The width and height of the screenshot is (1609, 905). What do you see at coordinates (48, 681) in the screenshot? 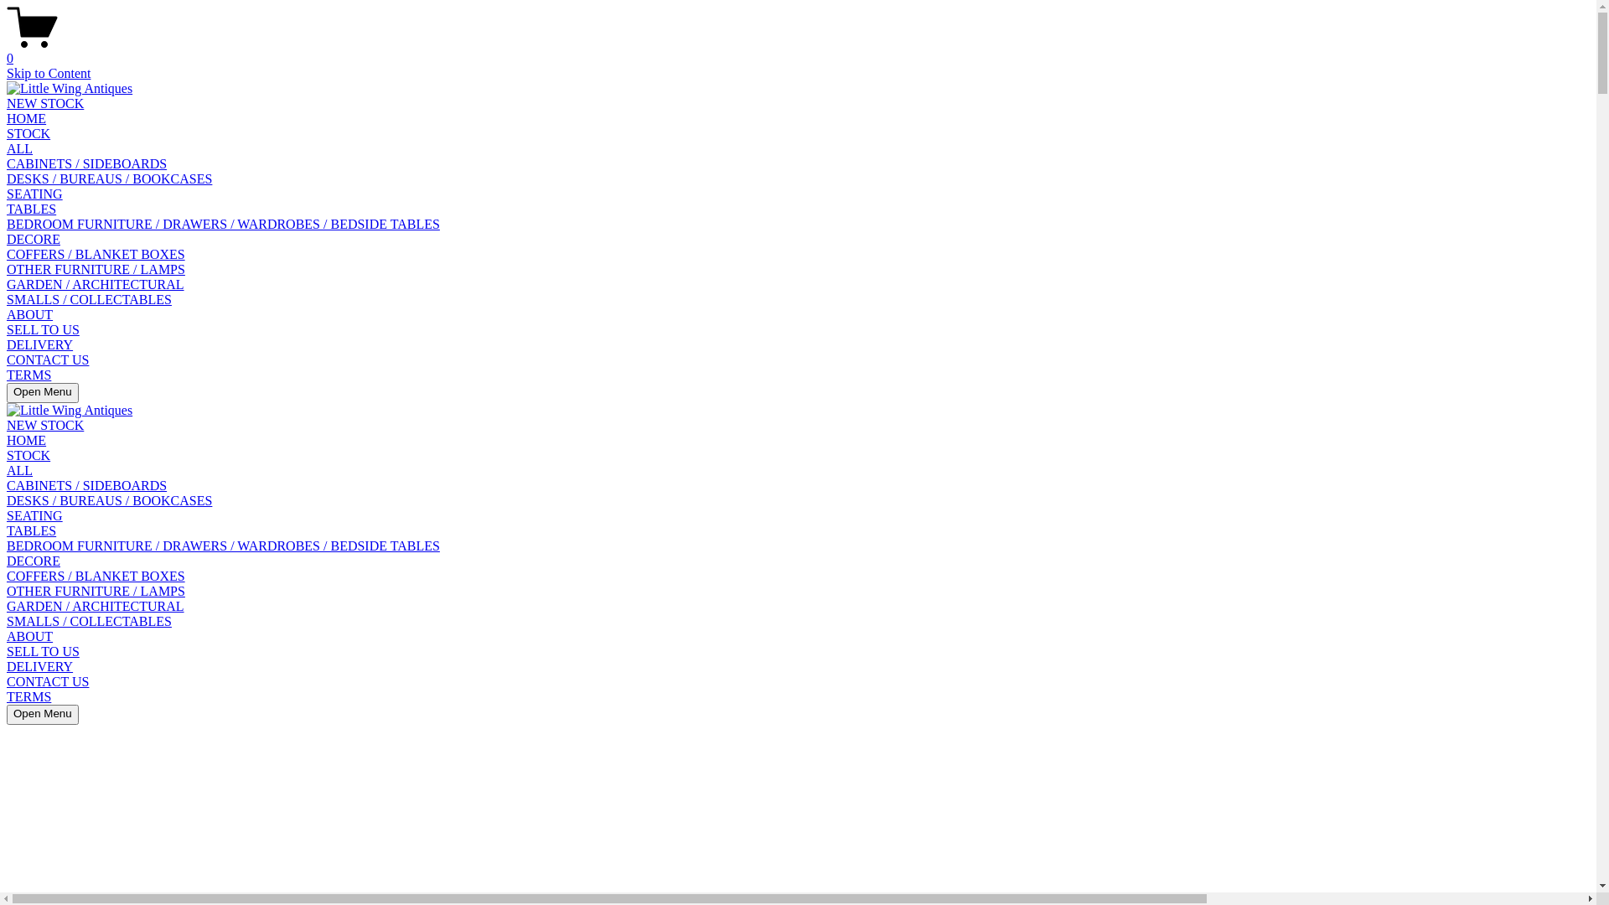
I see `'CONTACT US'` at bounding box center [48, 681].